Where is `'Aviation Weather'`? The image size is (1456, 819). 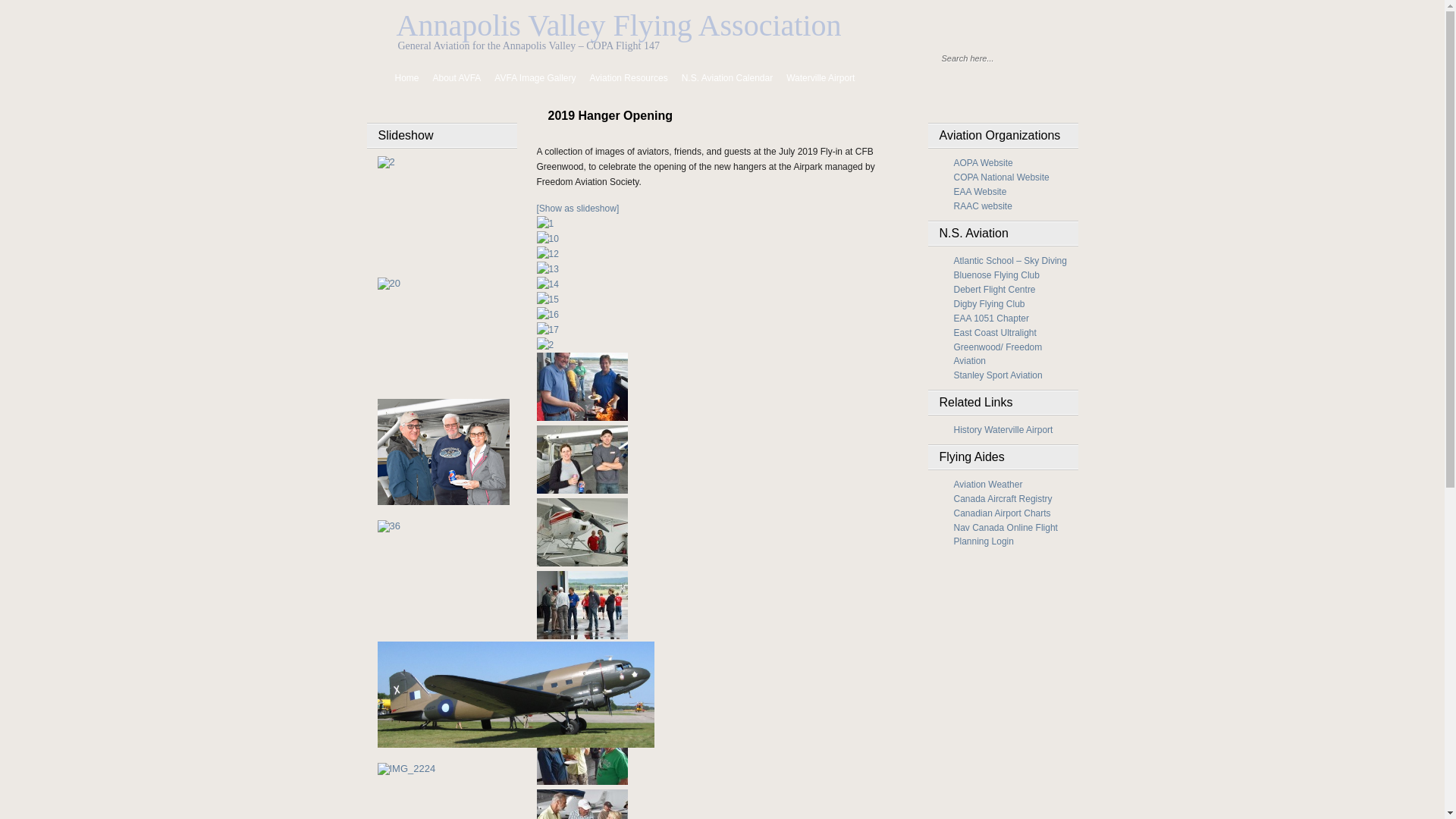 'Aviation Weather' is located at coordinates (988, 485).